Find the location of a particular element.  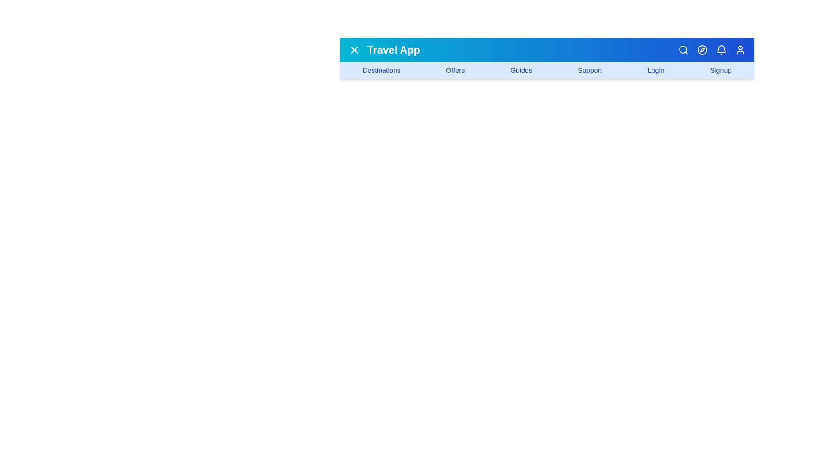

the menu item Guides to observe visual feedback is located at coordinates (520, 70).